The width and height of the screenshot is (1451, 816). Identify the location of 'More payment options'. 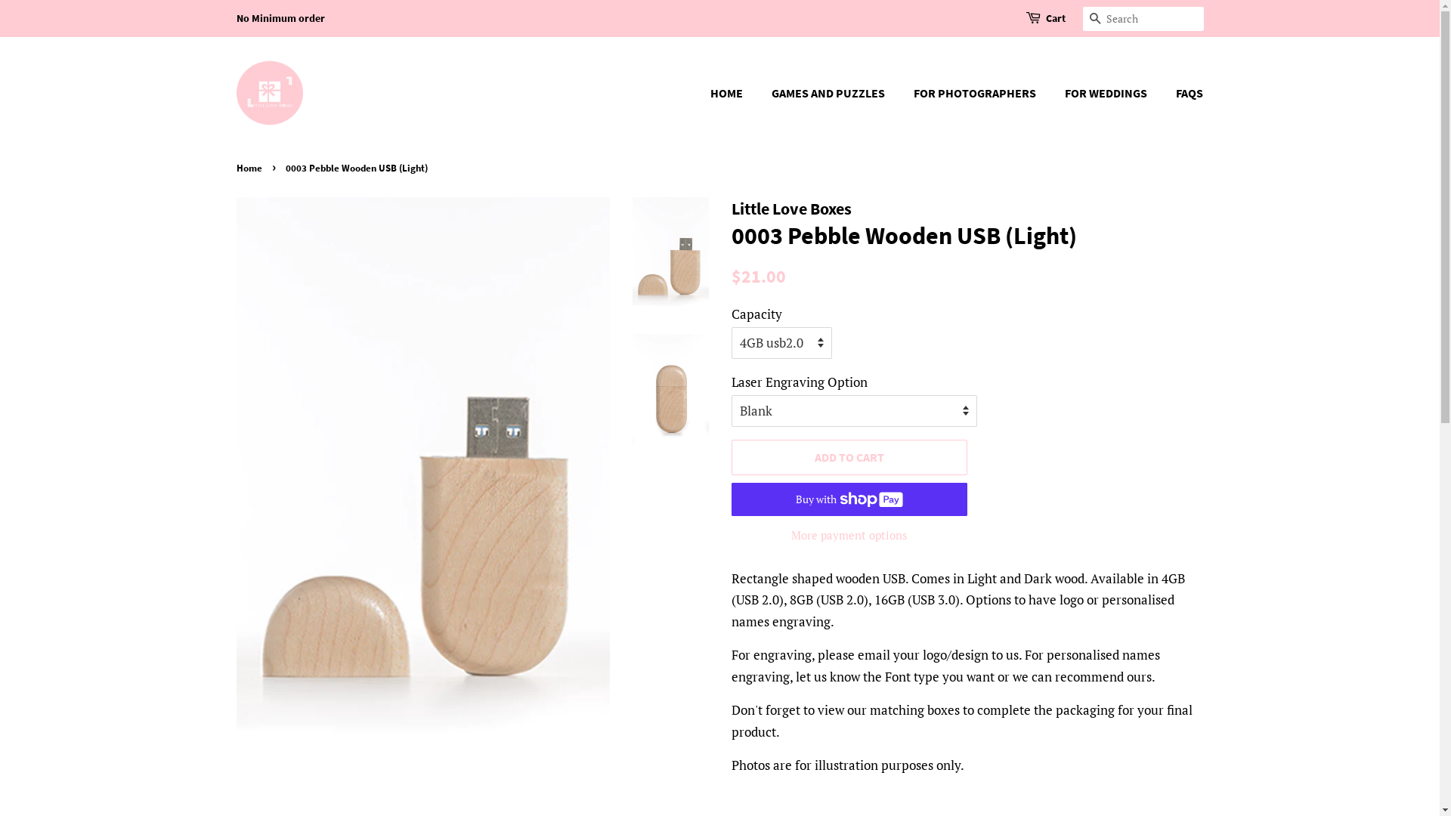
(849, 533).